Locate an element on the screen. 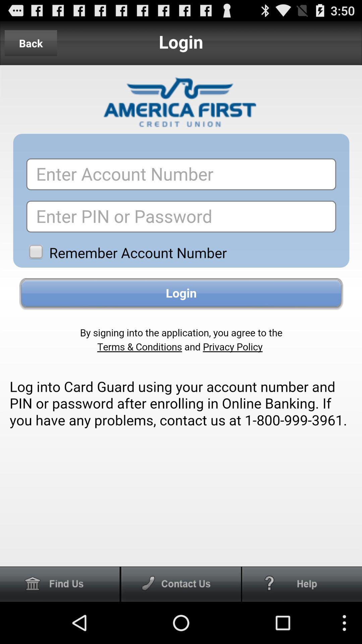 The image size is (362, 644). cantact is located at coordinates (181, 584).